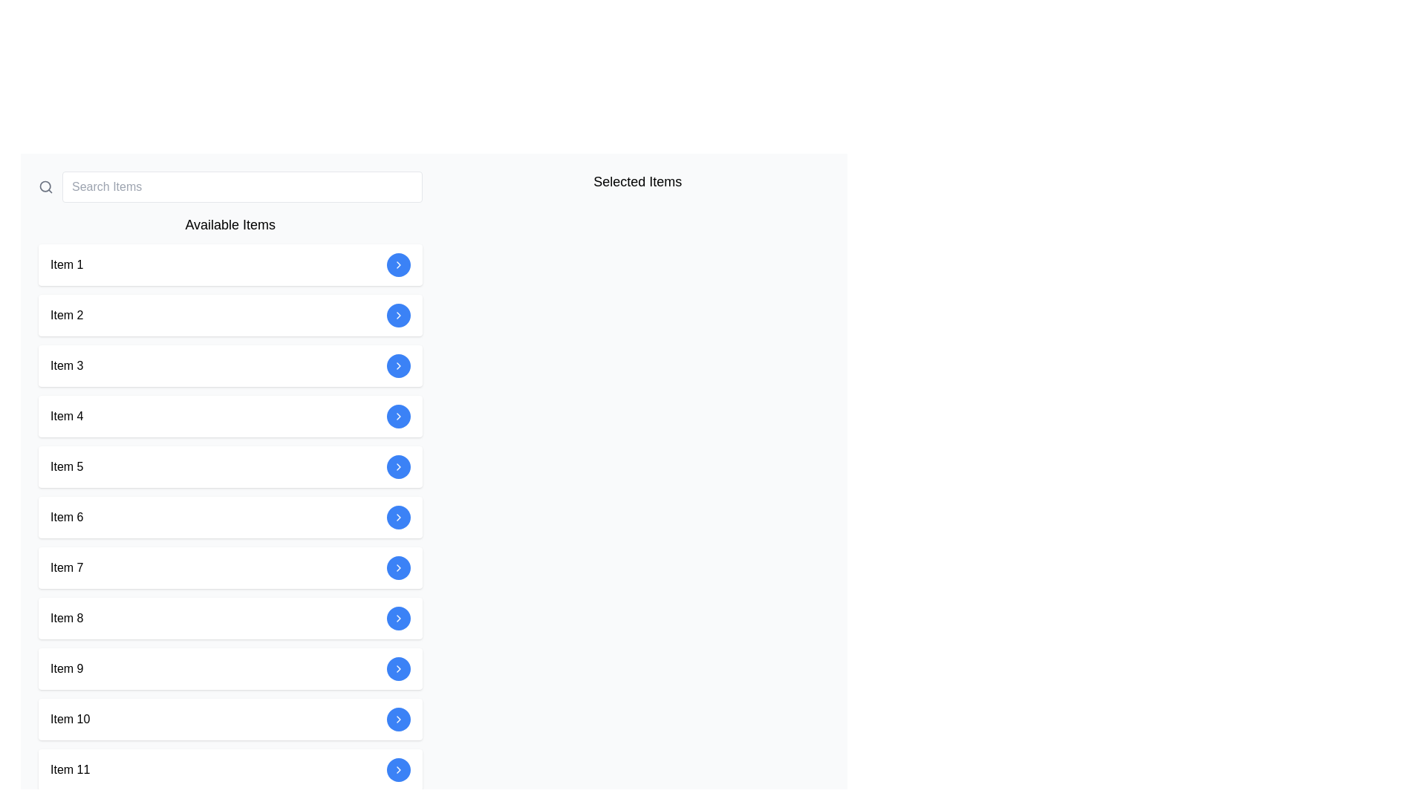  I want to click on the 'Available Items' text label, which is displayed in a bold and slightly larger font, centrally positioned below the search bar and above a list of selectable items, so click(229, 225).